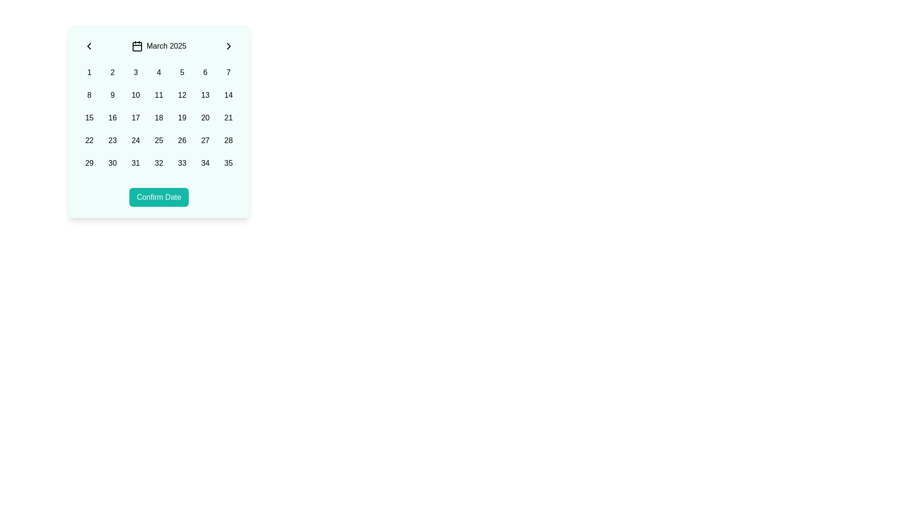 The width and height of the screenshot is (906, 510). Describe the element at coordinates (182, 140) in the screenshot. I see `the selectable date button located in the fifth row and fifth column of the calendar interface` at that location.